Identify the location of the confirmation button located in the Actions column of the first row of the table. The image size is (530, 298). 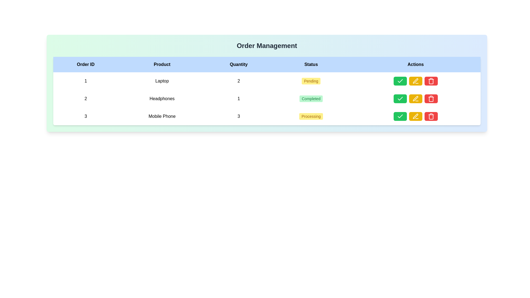
(400, 81).